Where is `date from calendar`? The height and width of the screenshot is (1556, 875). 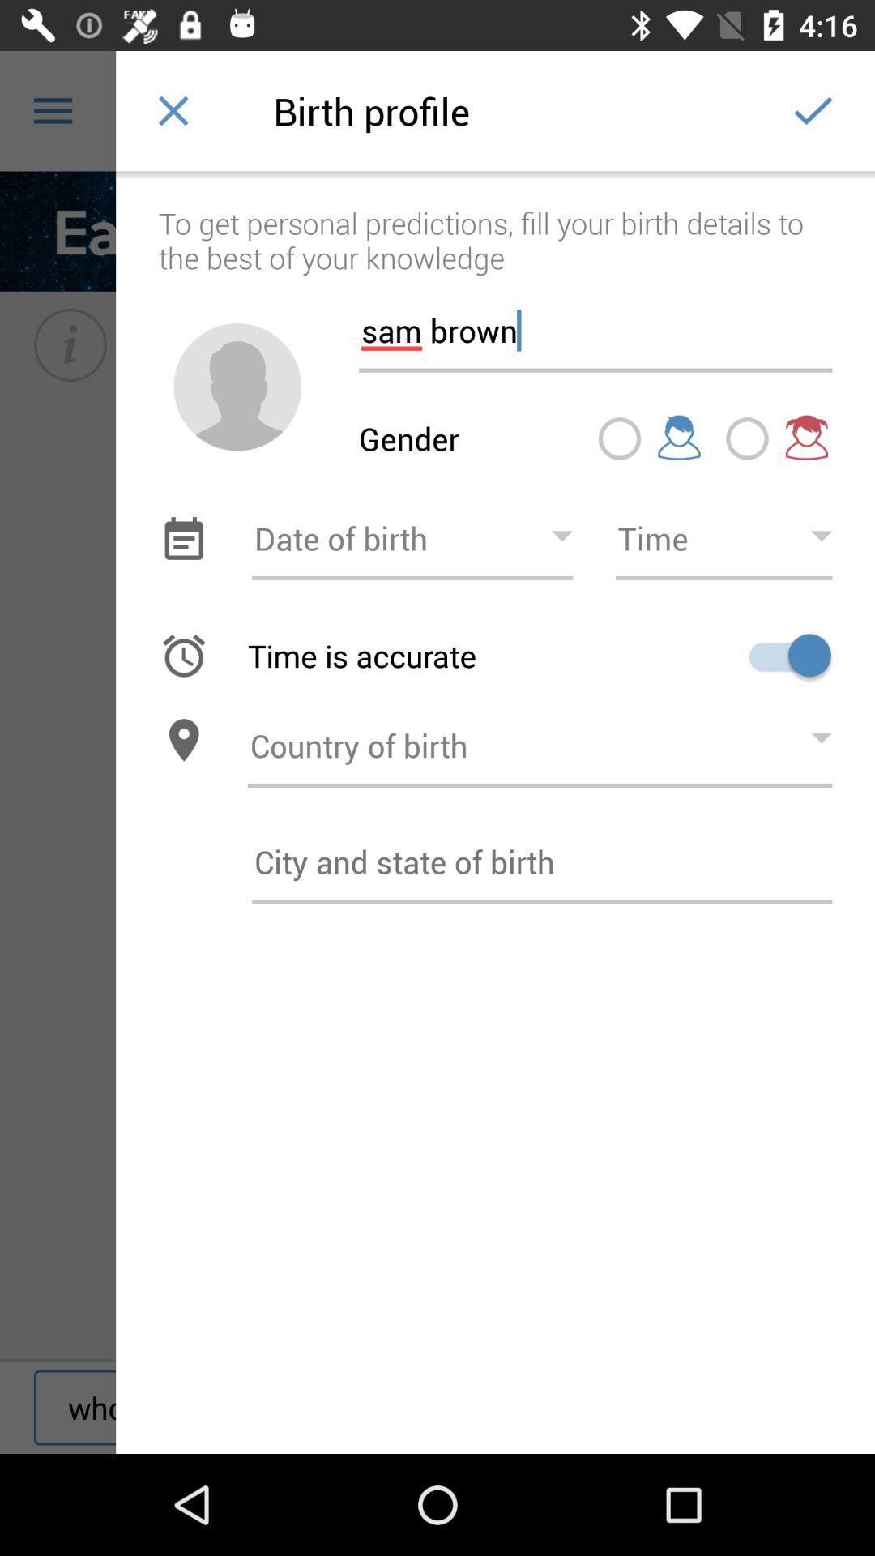 date from calendar is located at coordinates (183, 538).